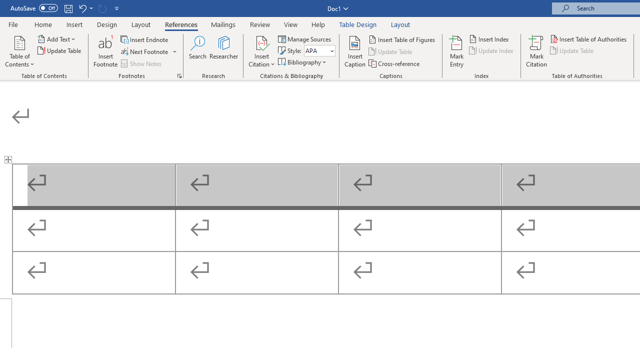 The image size is (640, 360). I want to click on 'Can', so click(102, 8).